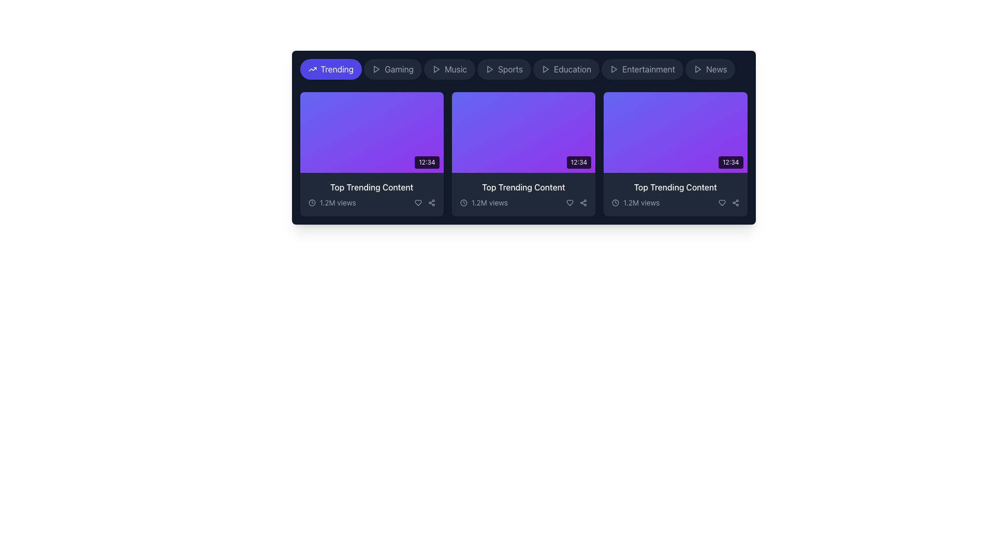  What do you see at coordinates (436, 69) in the screenshot?
I see `the small triangular 'Play' icon located in the navigation bar at the top of the interface, adjacent to the 'Gaming' tab label` at bounding box center [436, 69].